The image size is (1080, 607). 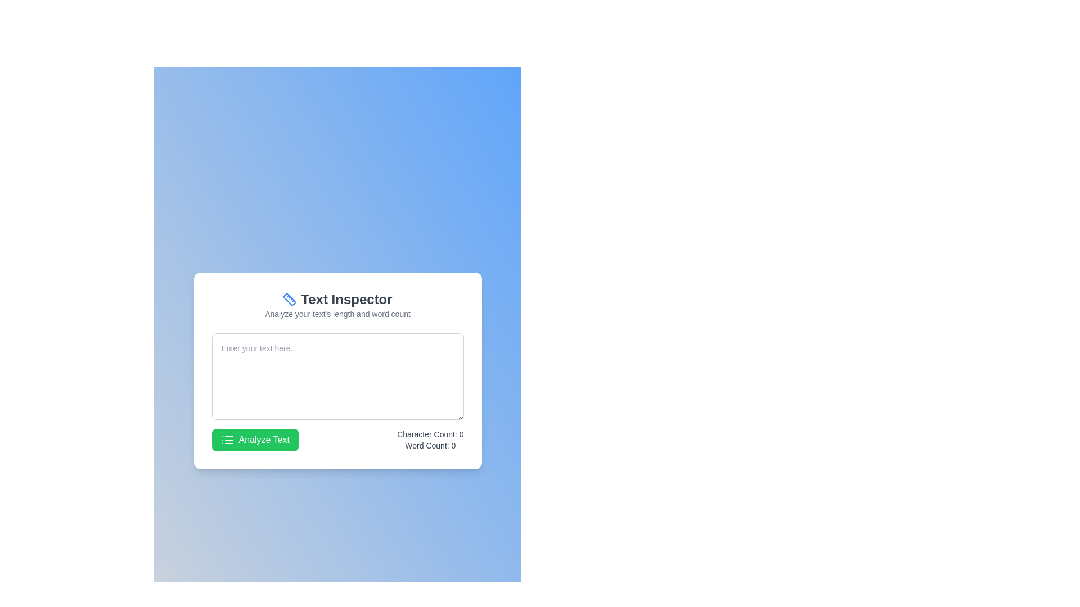 I want to click on the 'Text Inspector' header element, which is a bold title with a small blue ruler icon on the left, located at the top of a white card, so click(x=337, y=305).